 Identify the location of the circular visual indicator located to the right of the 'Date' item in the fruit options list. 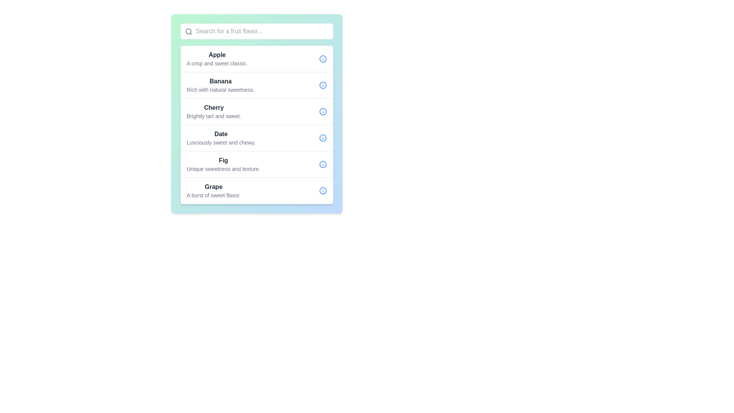
(323, 138).